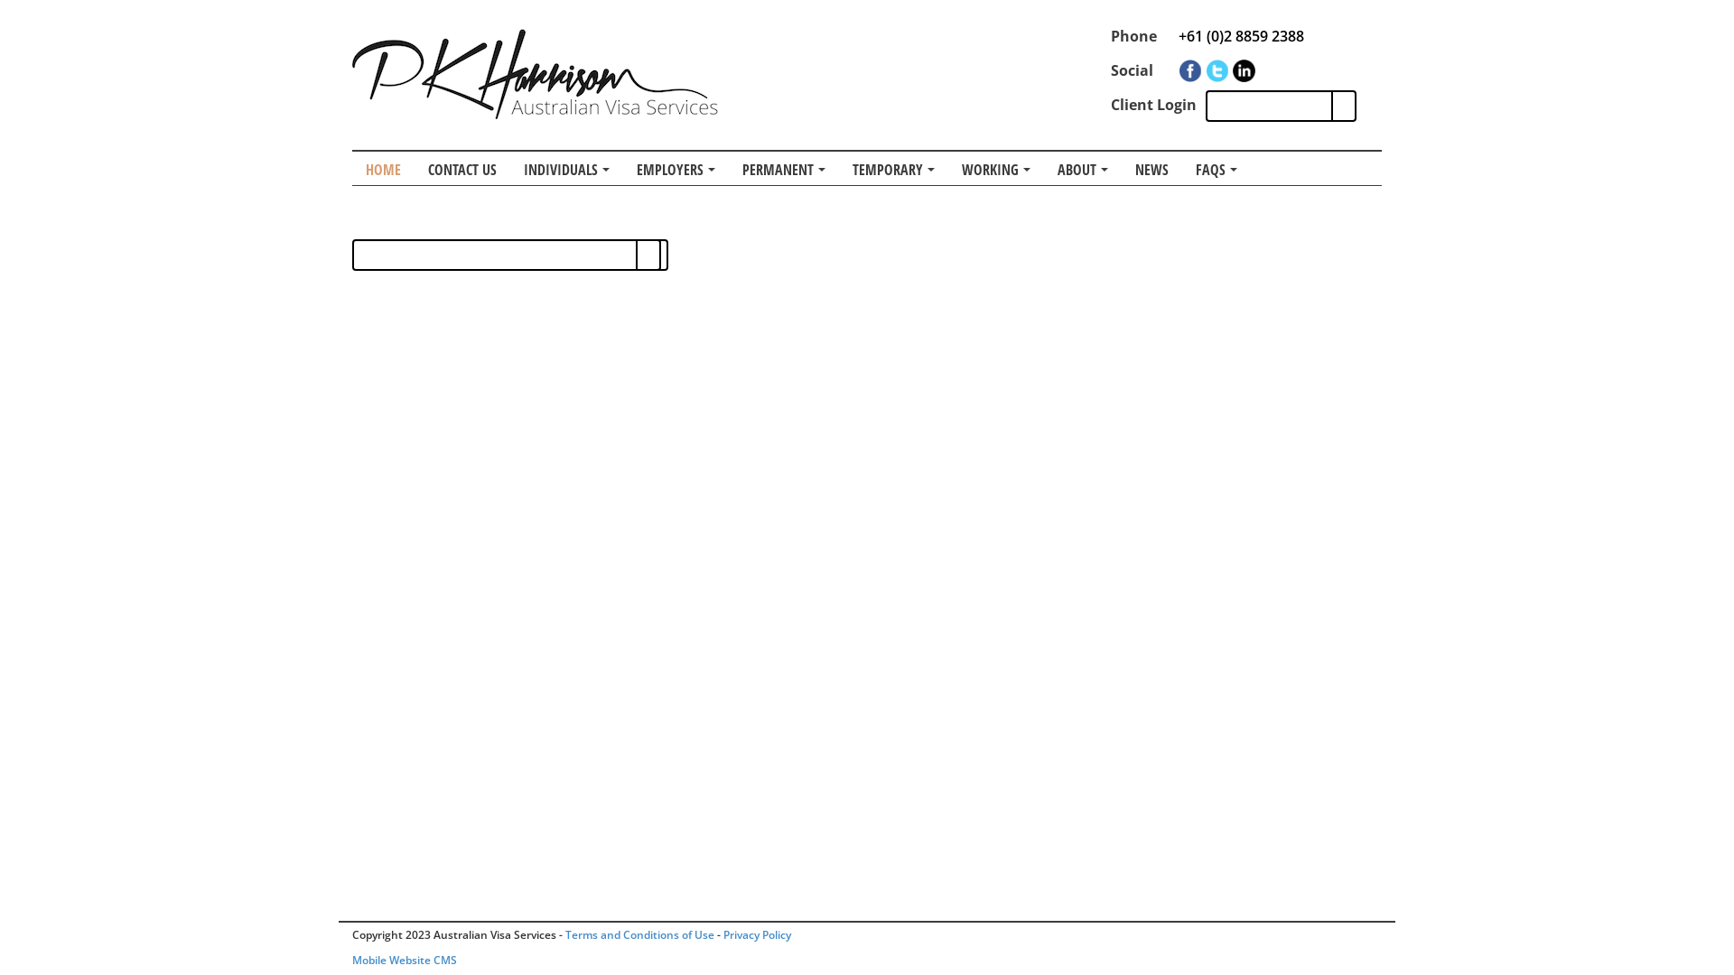 The height and width of the screenshot is (975, 1734). What do you see at coordinates (564, 934) in the screenshot?
I see `'Terms and Conditions of Use'` at bounding box center [564, 934].